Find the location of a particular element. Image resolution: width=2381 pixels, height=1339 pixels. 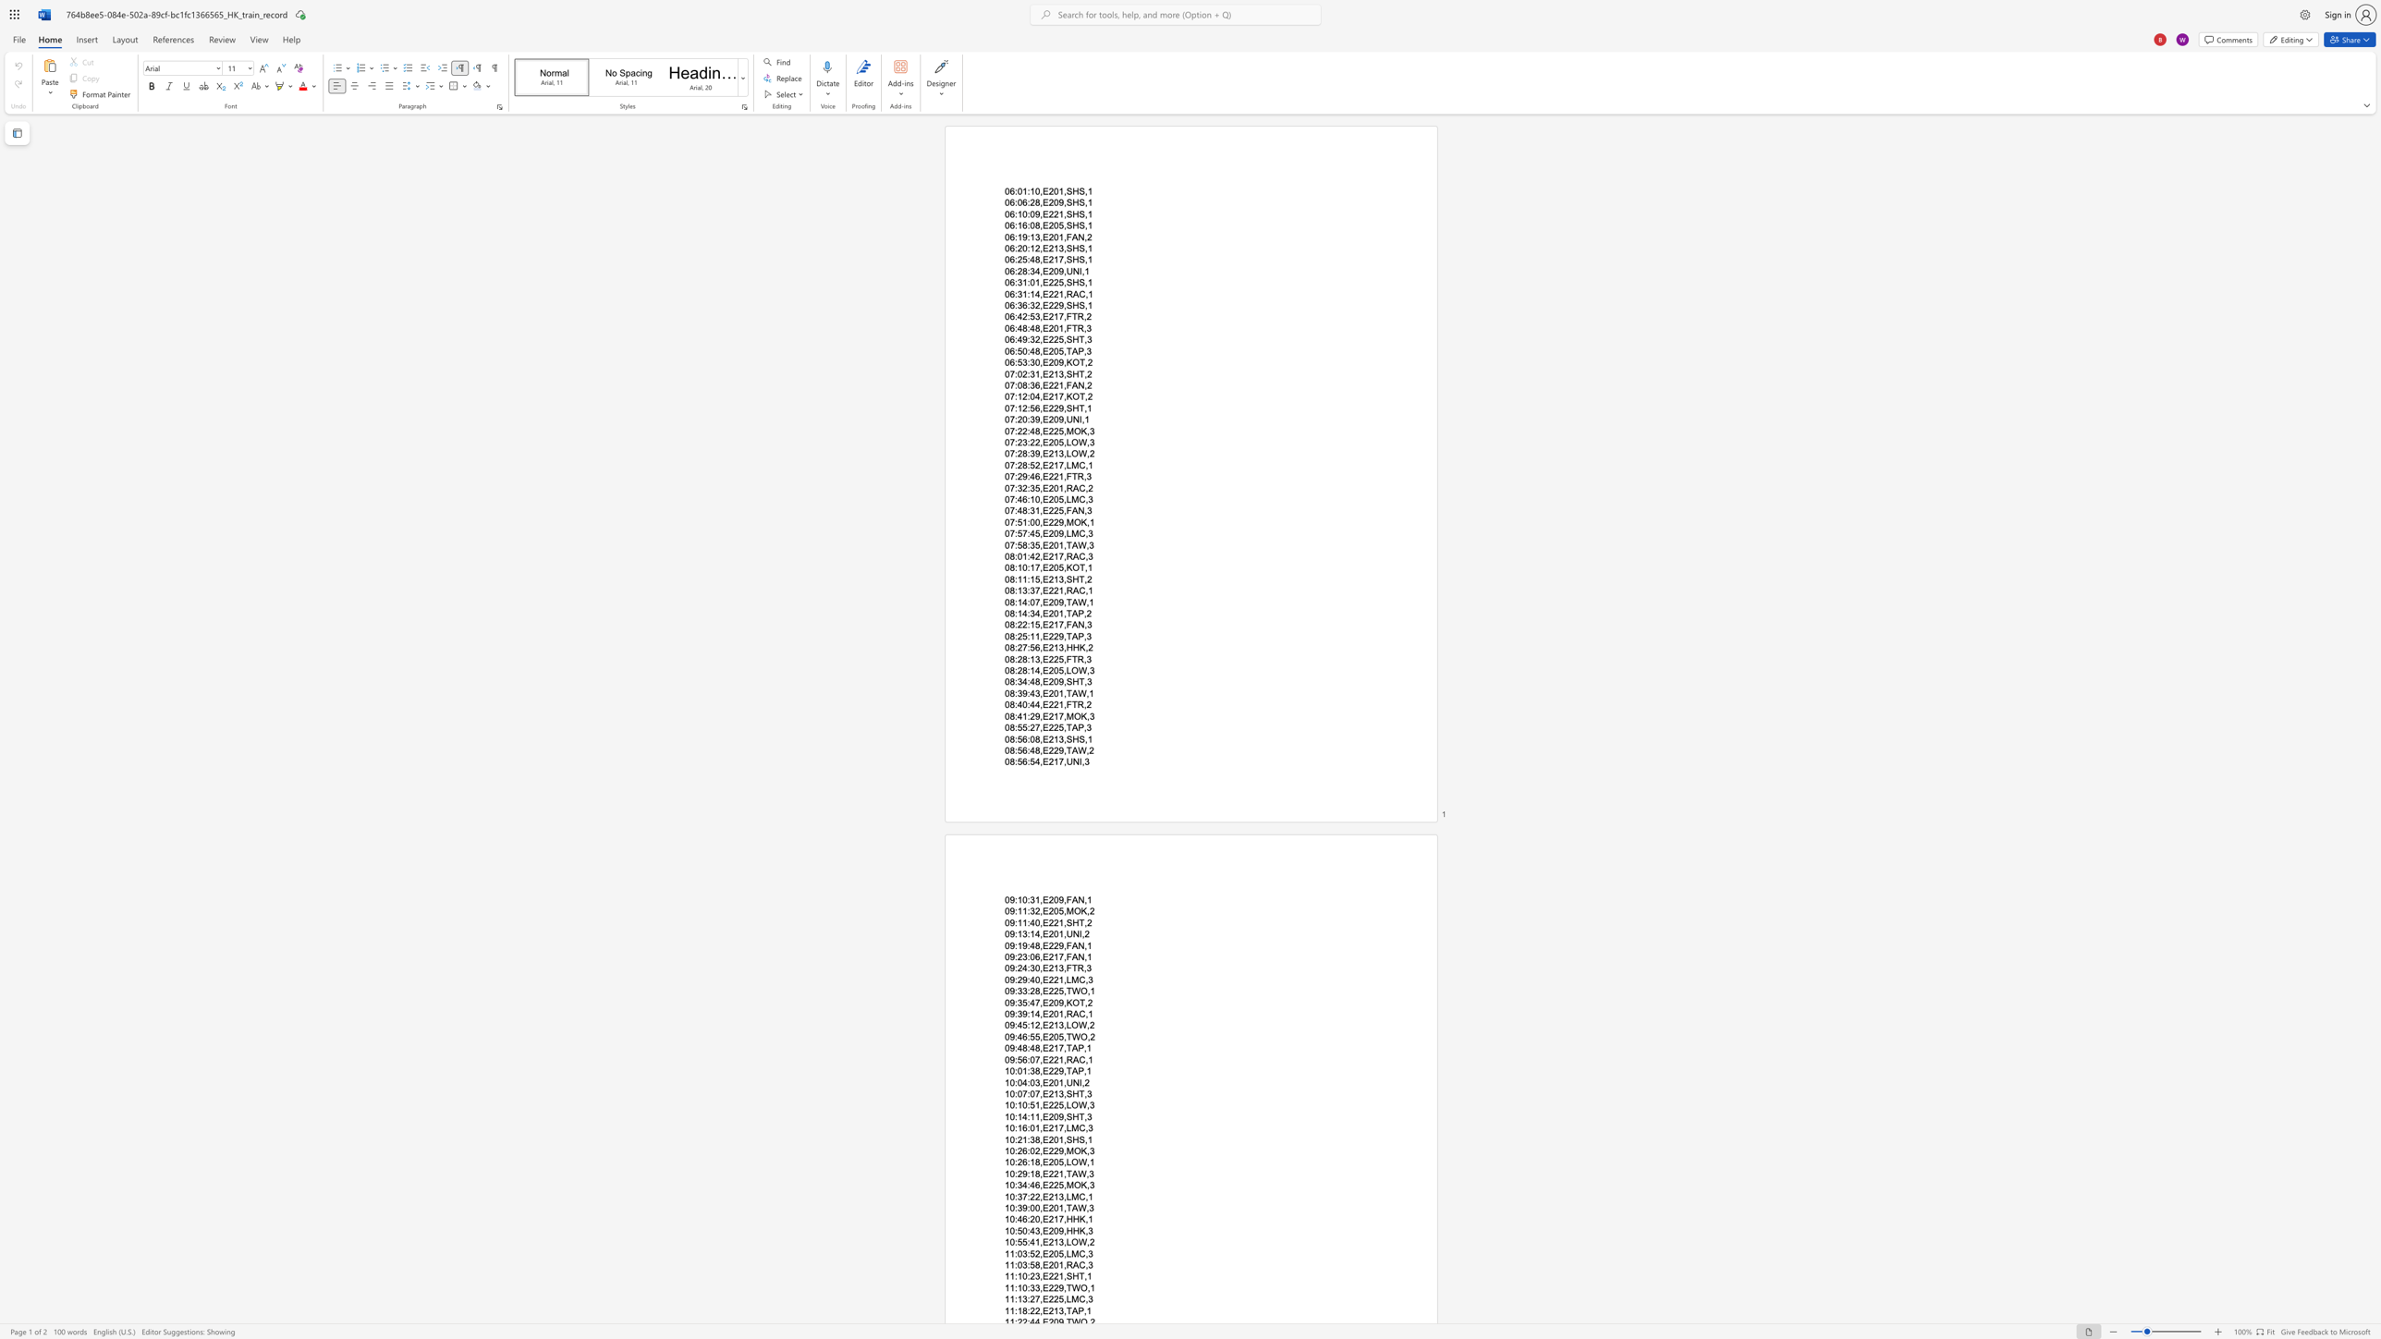

the space between the continuous character "5" and "," in the text is located at coordinates (1062, 442).